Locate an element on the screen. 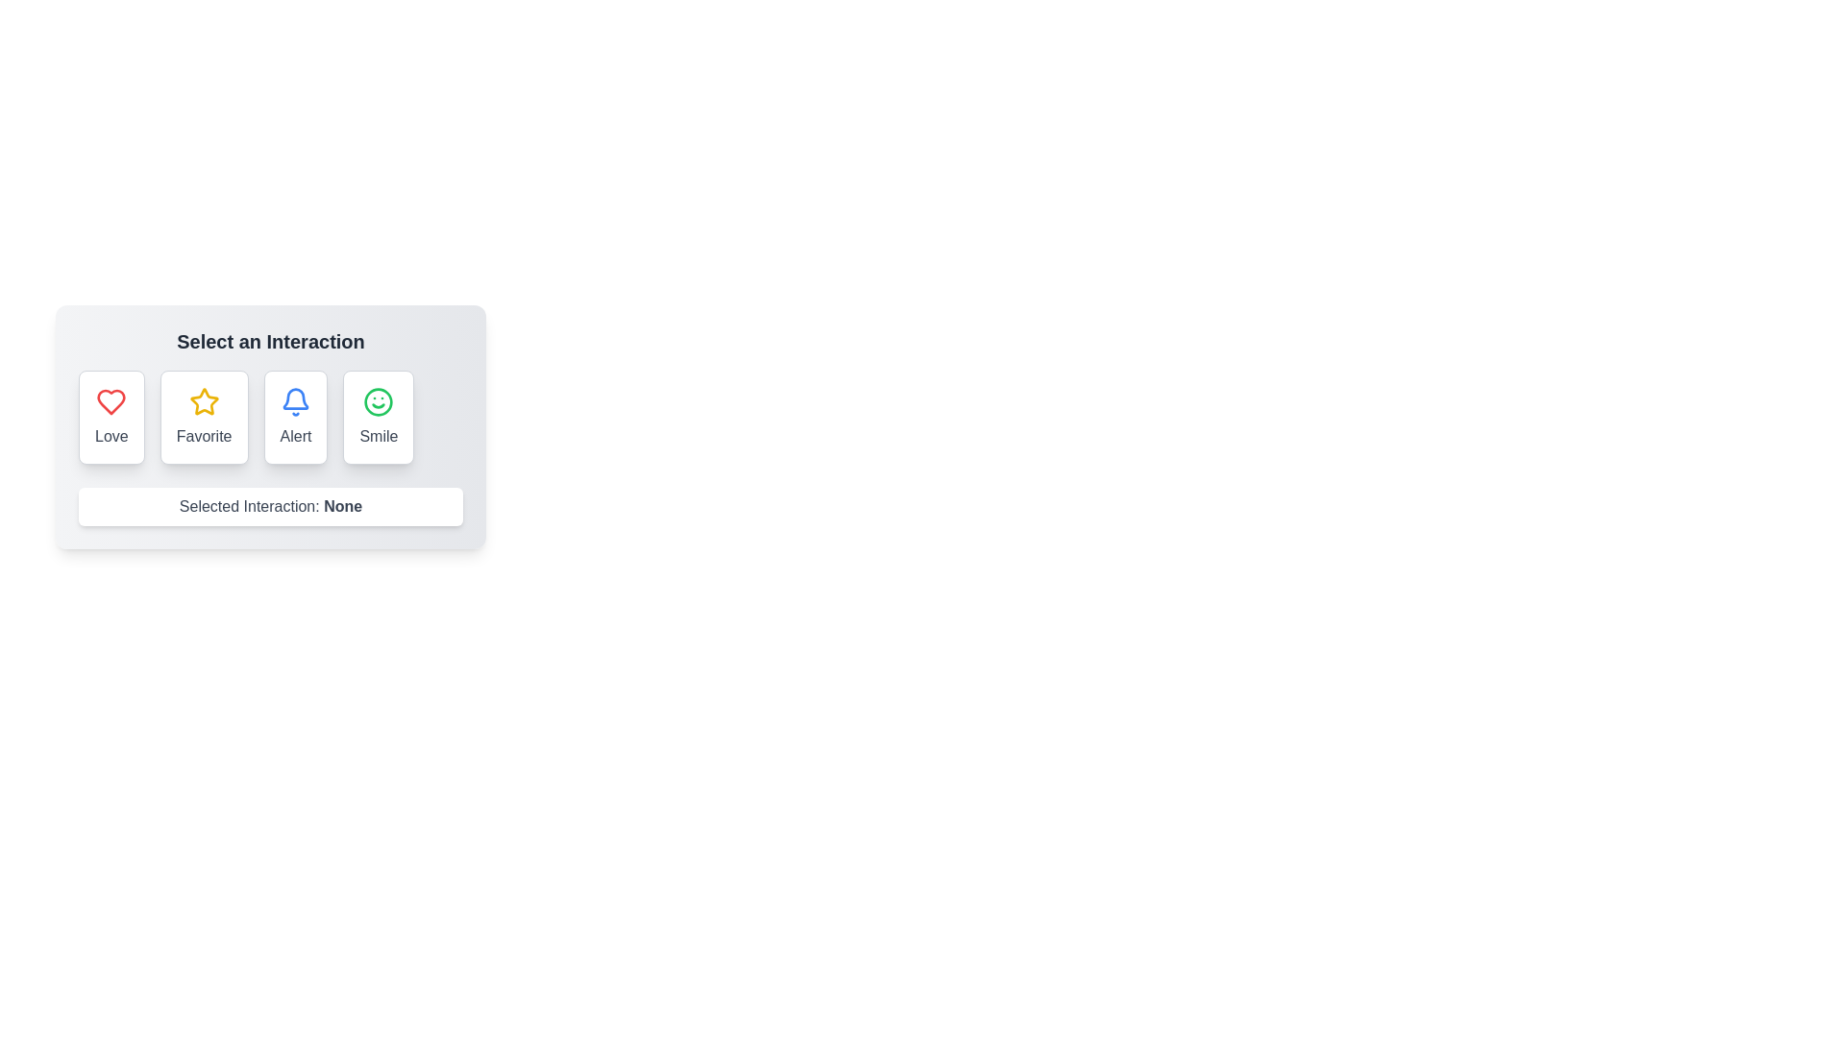 The image size is (1845, 1037). the button labeled Alert to observe the hover effect is located at coordinates (294, 417).